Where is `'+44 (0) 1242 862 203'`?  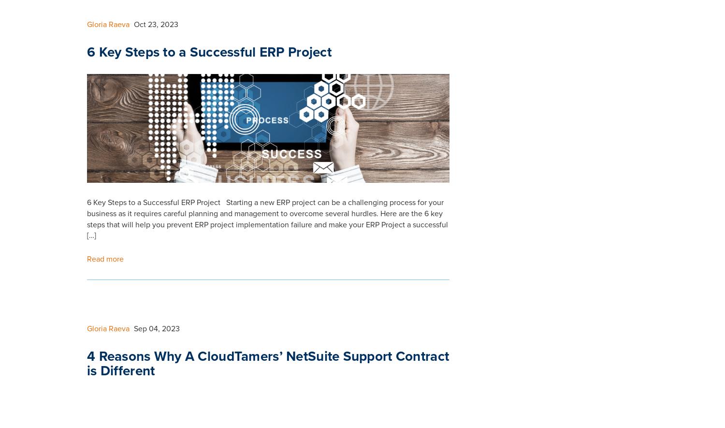 '+44 (0) 1242 862 203' is located at coordinates (598, 414).